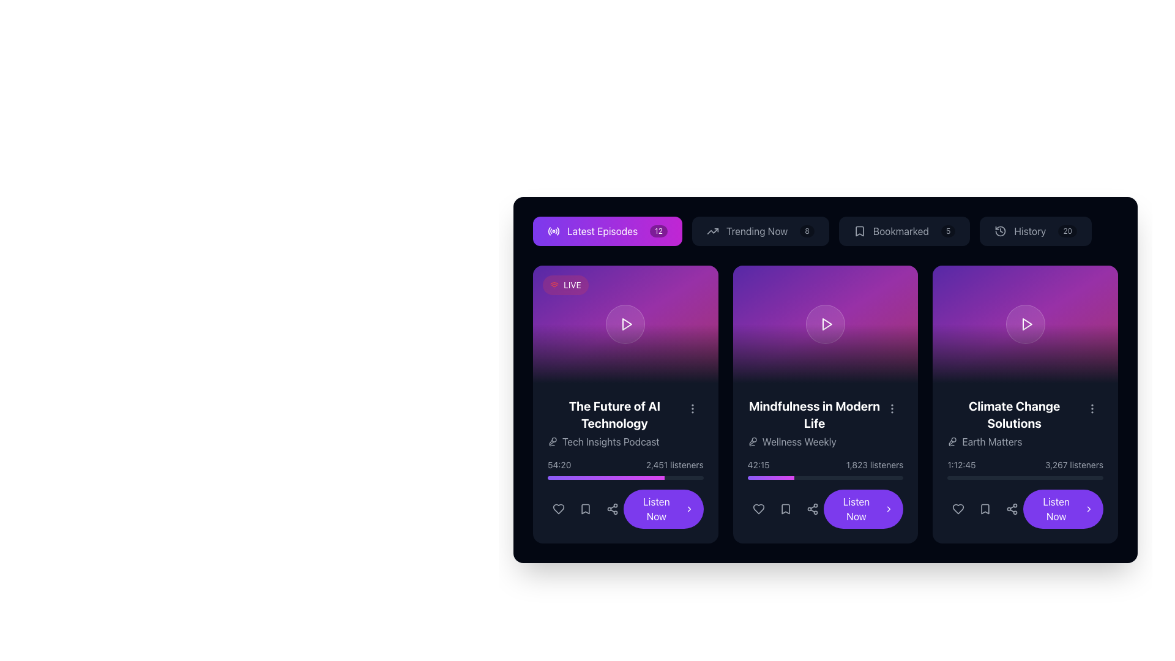  I want to click on the progress of the horizontal progress bar with a violet-to-fuchsia gradient, located beneath the '54:20' timestamp and above the footer area in the leftmost card of the grid, so click(625, 477).